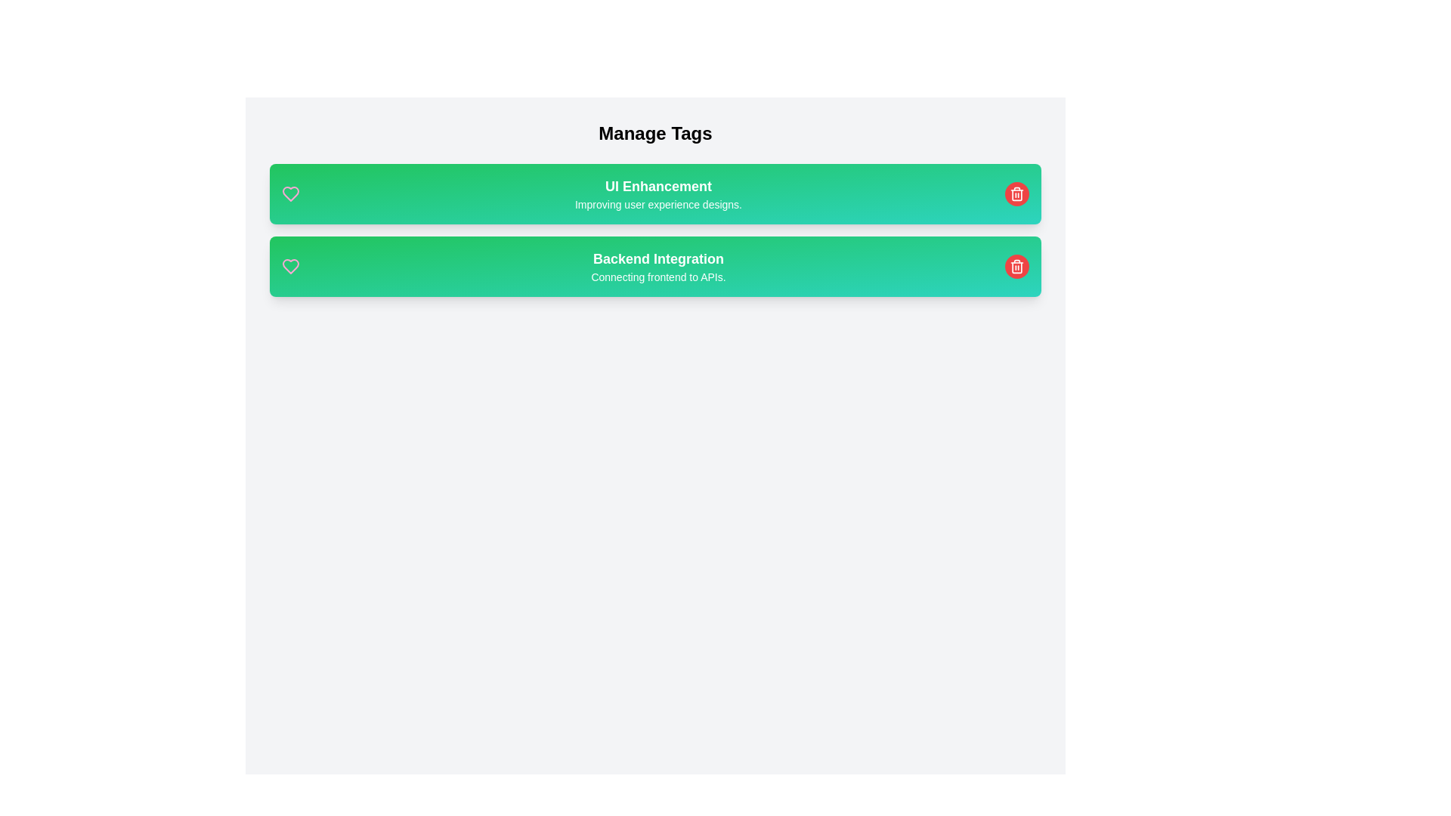 Image resolution: width=1451 pixels, height=816 pixels. Describe the element at coordinates (655, 193) in the screenshot. I see `the tag card with the label UI Enhancement` at that location.